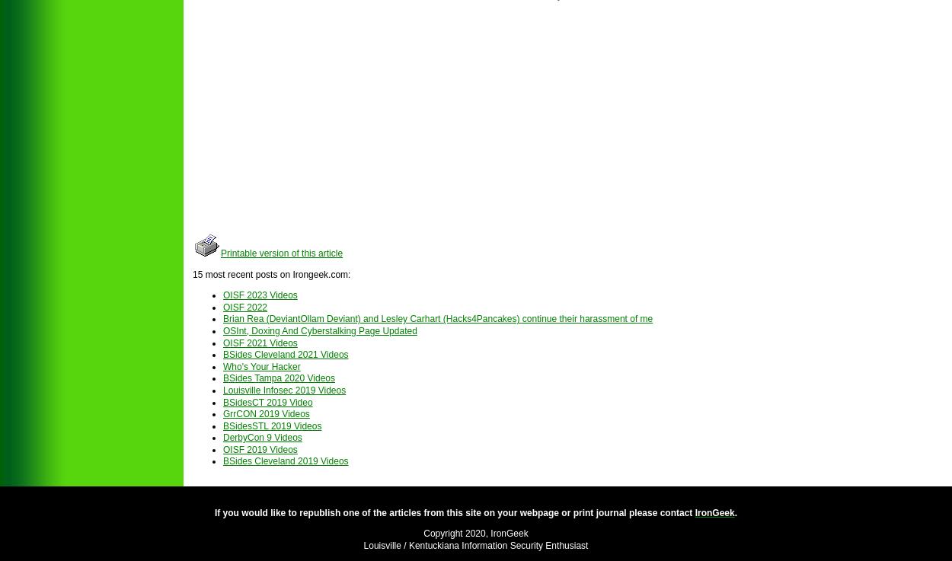  I want to click on 'DerbyCon 9 Videos', so click(261, 437).